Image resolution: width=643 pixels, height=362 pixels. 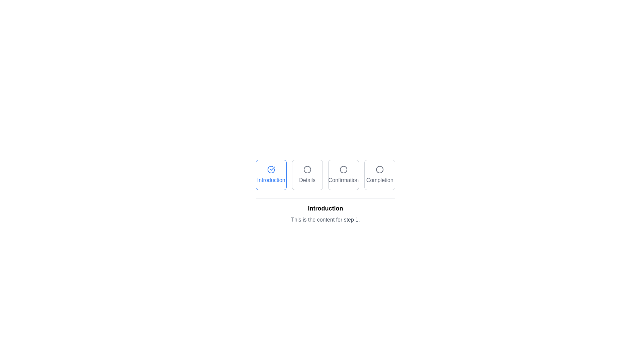 What do you see at coordinates (343, 180) in the screenshot?
I see `the text label 'Confirmation' located centered under a circular icon in the third box of a linear progression of four boxes` at bounding box center [343, 180].